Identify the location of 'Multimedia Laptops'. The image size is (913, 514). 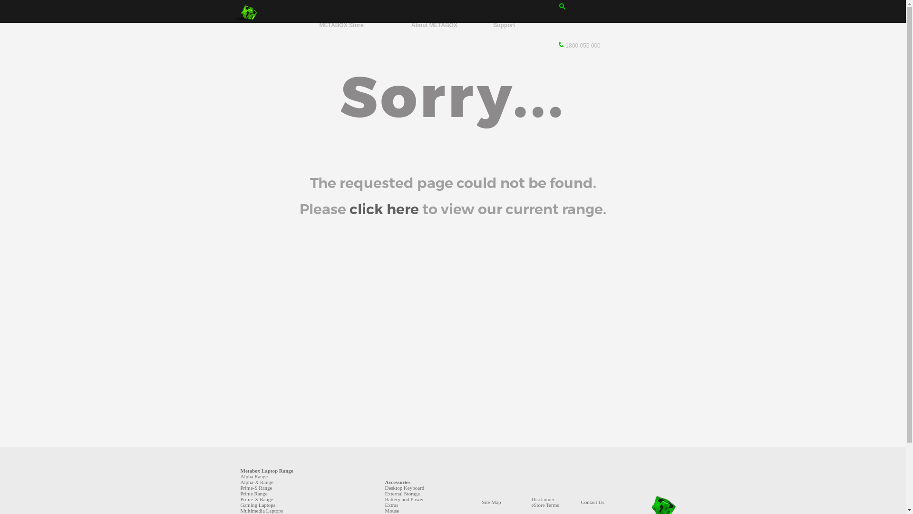
(240, 510).